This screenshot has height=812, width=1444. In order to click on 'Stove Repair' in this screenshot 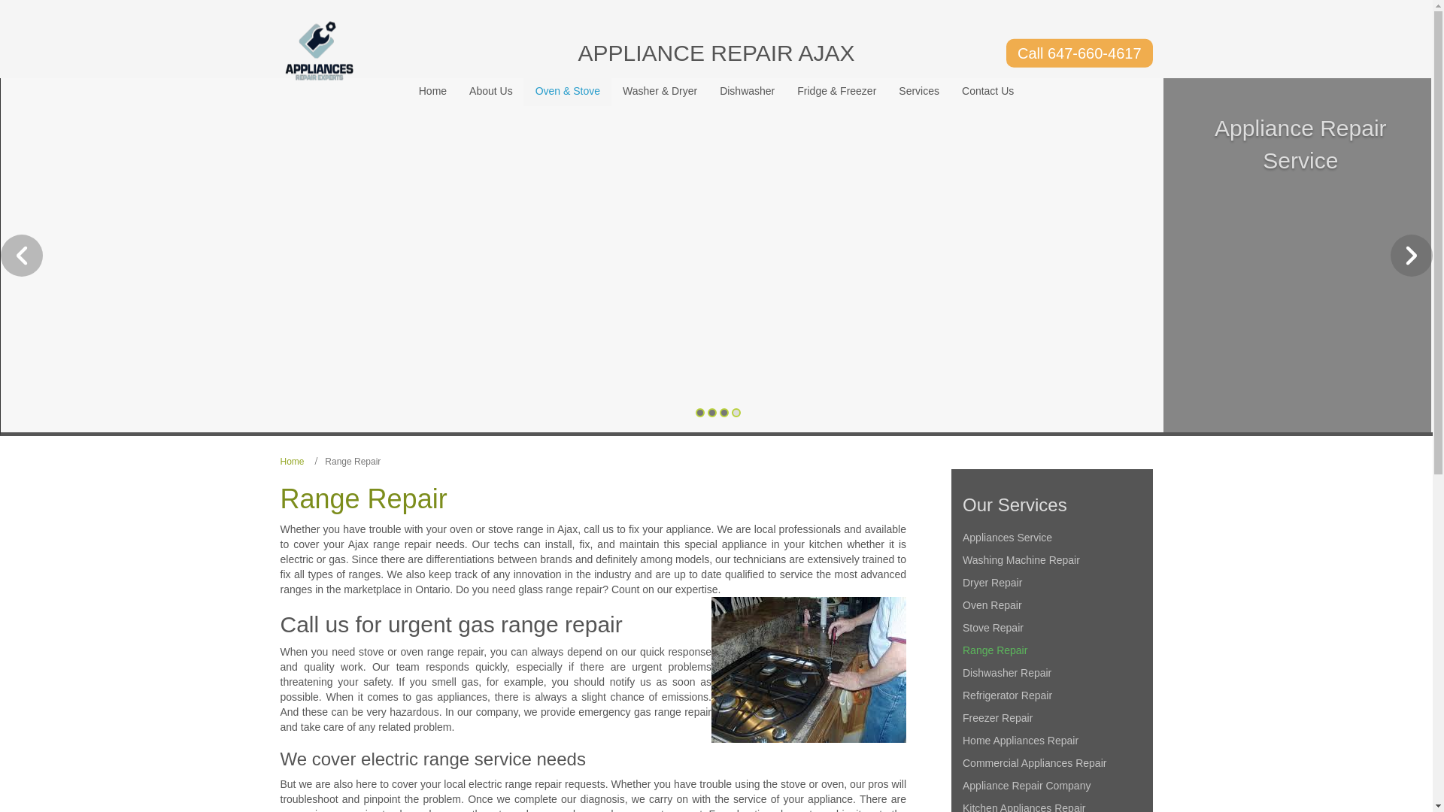, I will do `click(1051, 627)`.